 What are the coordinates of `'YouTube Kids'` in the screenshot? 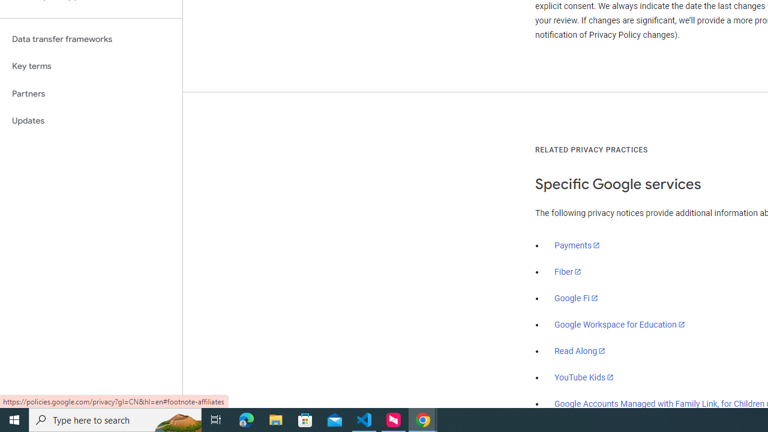 It's located at (584, 376).